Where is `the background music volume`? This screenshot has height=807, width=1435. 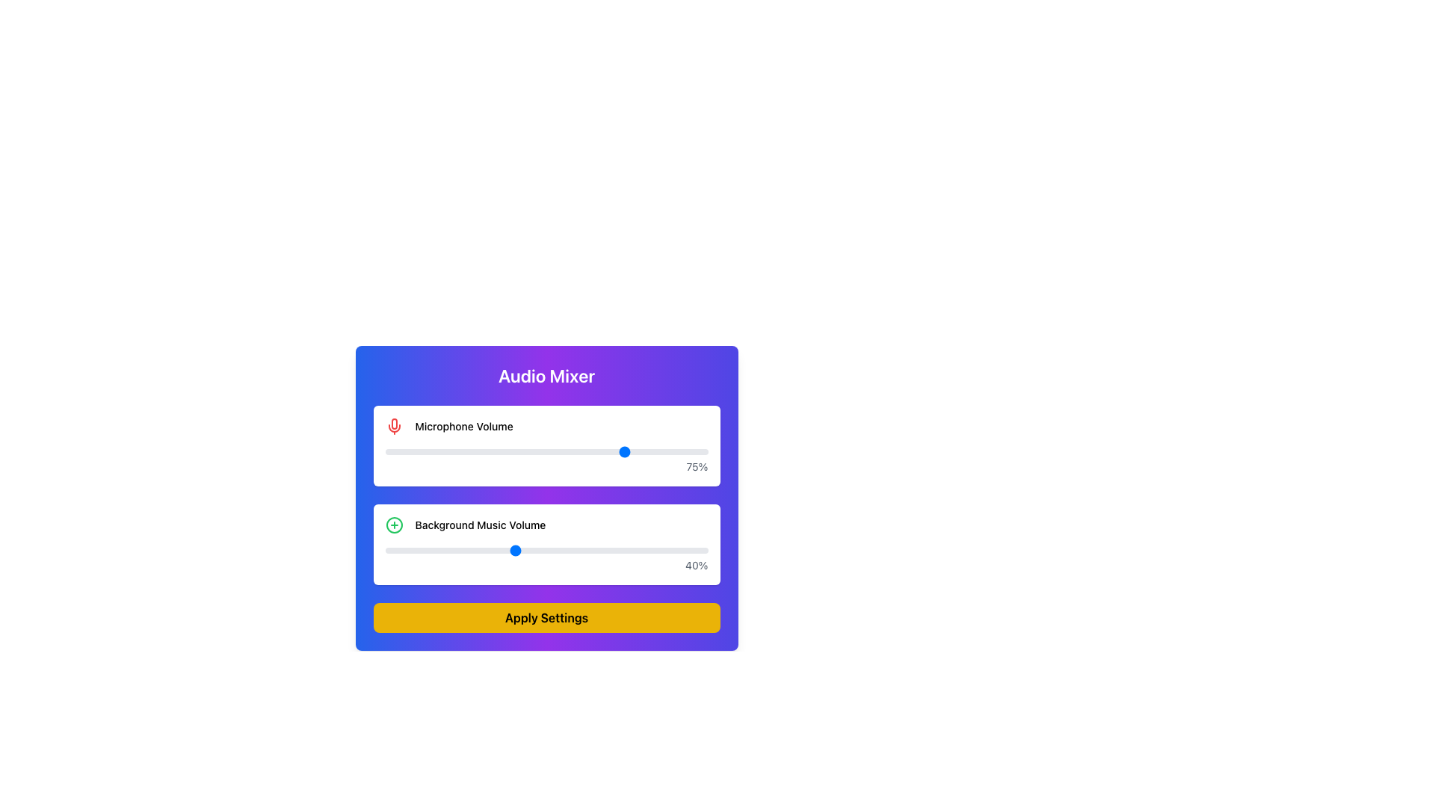
the background music volume is located at coordinates (485, 550).